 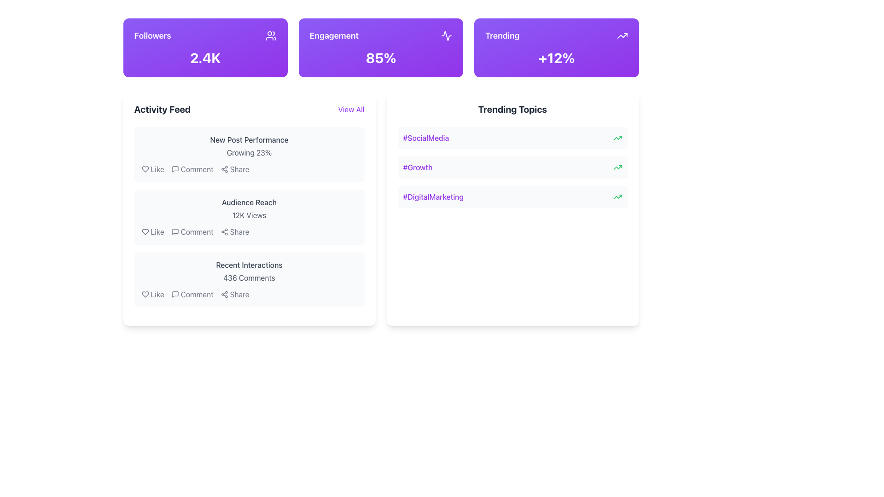 I want to click on the appearance of the waveform icon located in the engagement section of the top header, styled in white with a purple background, so click(x=447, y=35).